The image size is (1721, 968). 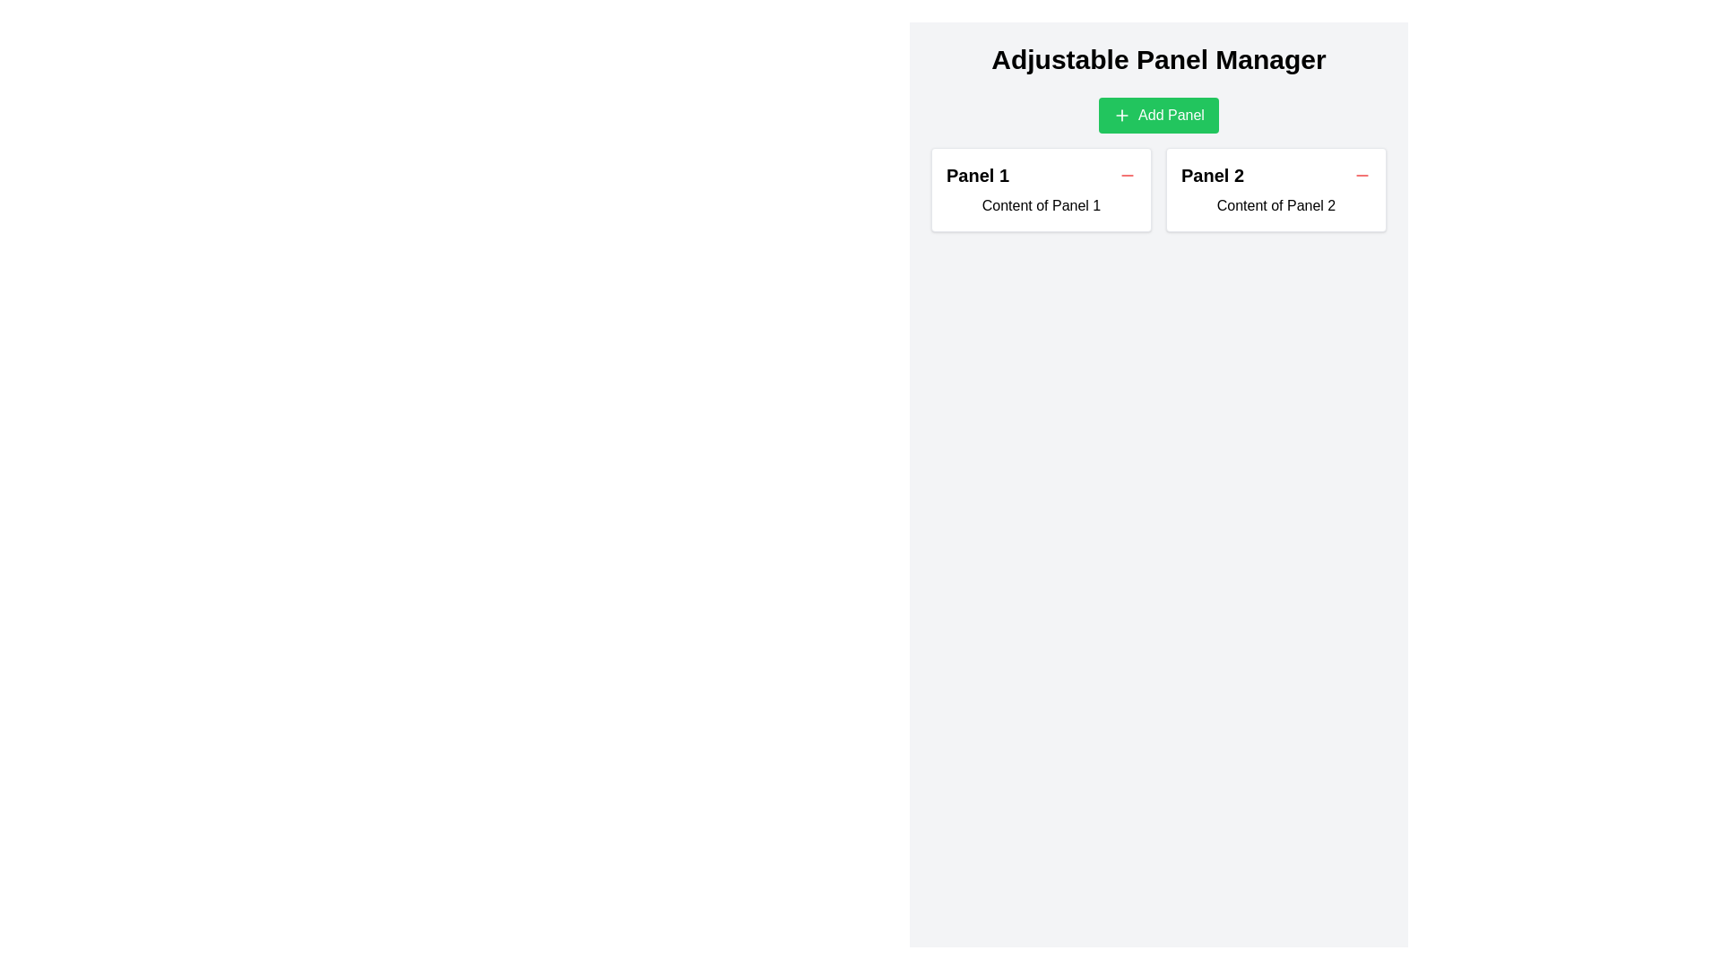 I want to click on the 'Add Panel' label within the green button located near the top-center of the user interface, which is immediately to the right of a plus '+' icon, so click(x=1171, y=115).